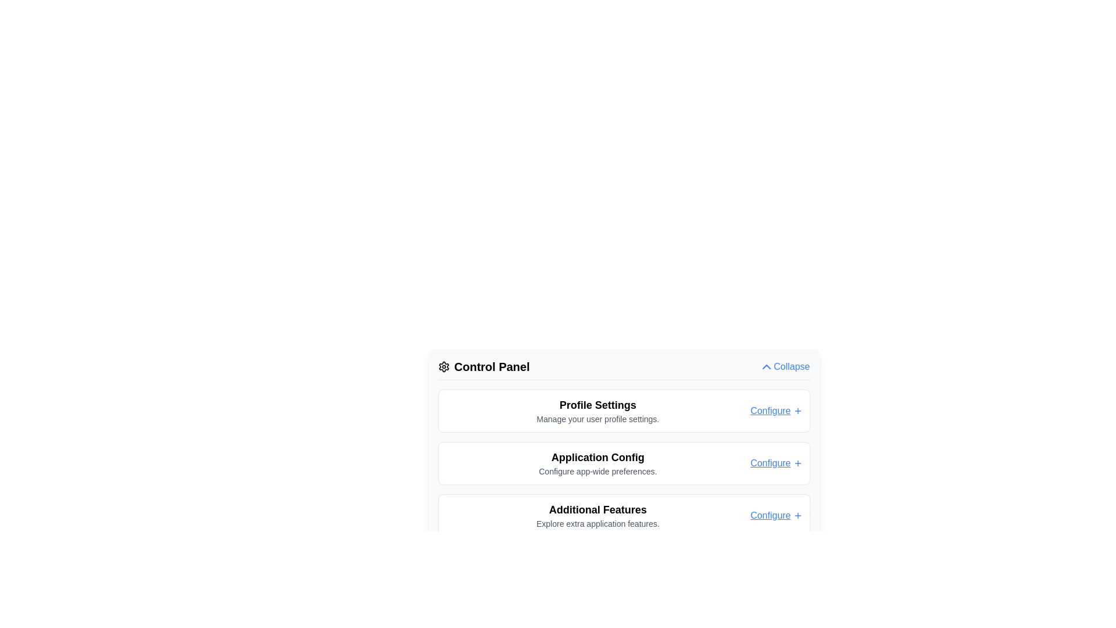  Describe the element at coordinates (484, 367) in the screenshot. I see `'Control Panel' header element that features a settings gear icon on its left, prominently displayed at the top of the section` at that location.